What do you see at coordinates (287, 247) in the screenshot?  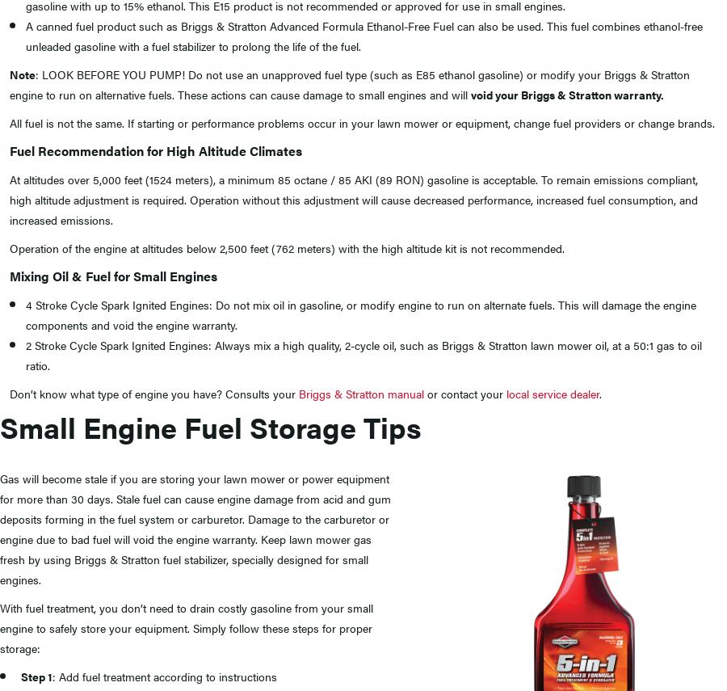 I see `'Operation of the engine at altitudes below 2,500 feet (762 meters) with the high altitude kit is not recommended.'` at bounding box center [287, 247].